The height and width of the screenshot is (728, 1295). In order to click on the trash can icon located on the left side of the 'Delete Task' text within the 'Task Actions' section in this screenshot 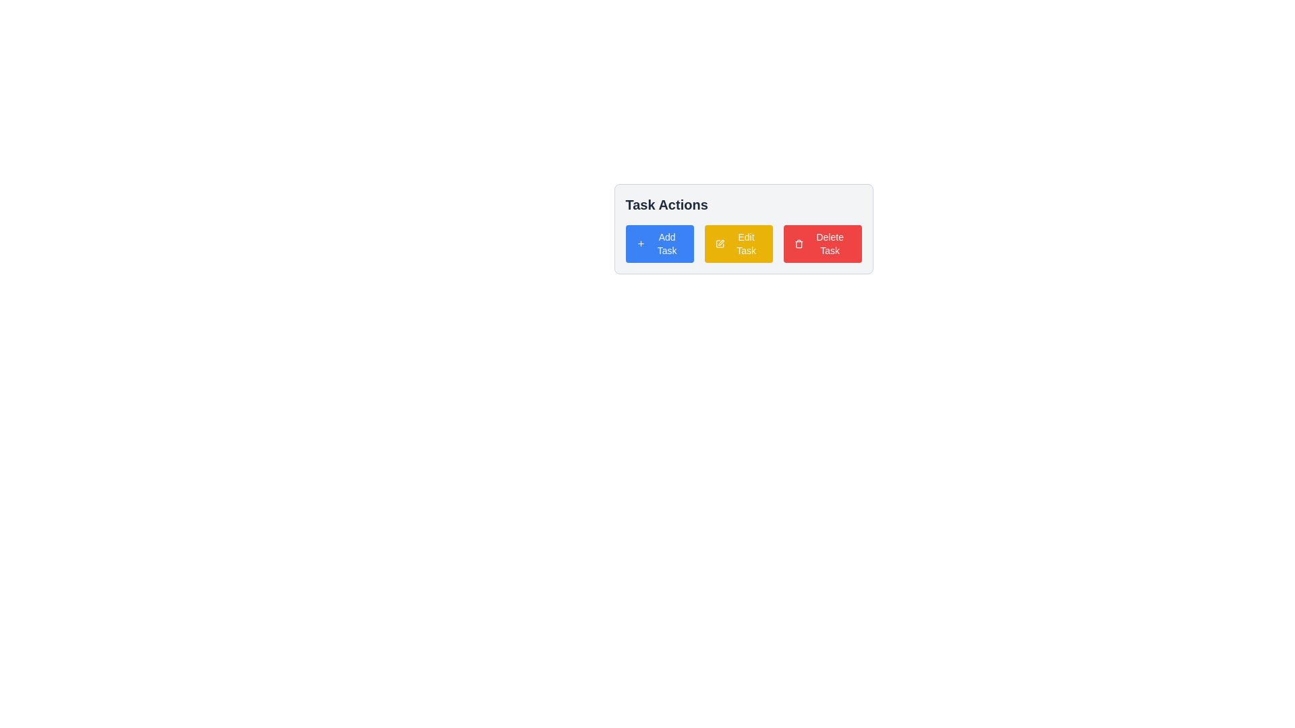, I will do `click(799, 244)`.